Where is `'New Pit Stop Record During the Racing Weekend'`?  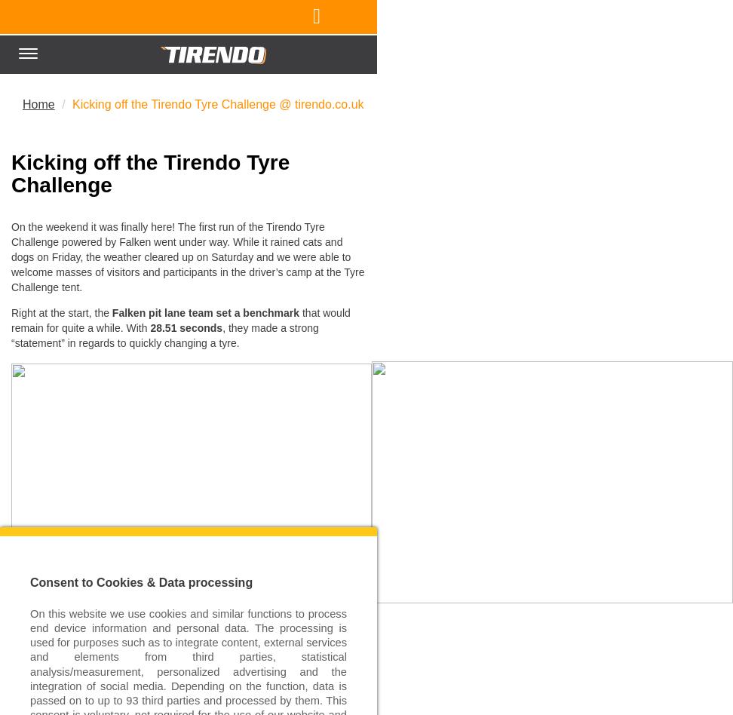 'New Pit Stop Record During the Racing Weekend' is located at coordinates (186, 613).